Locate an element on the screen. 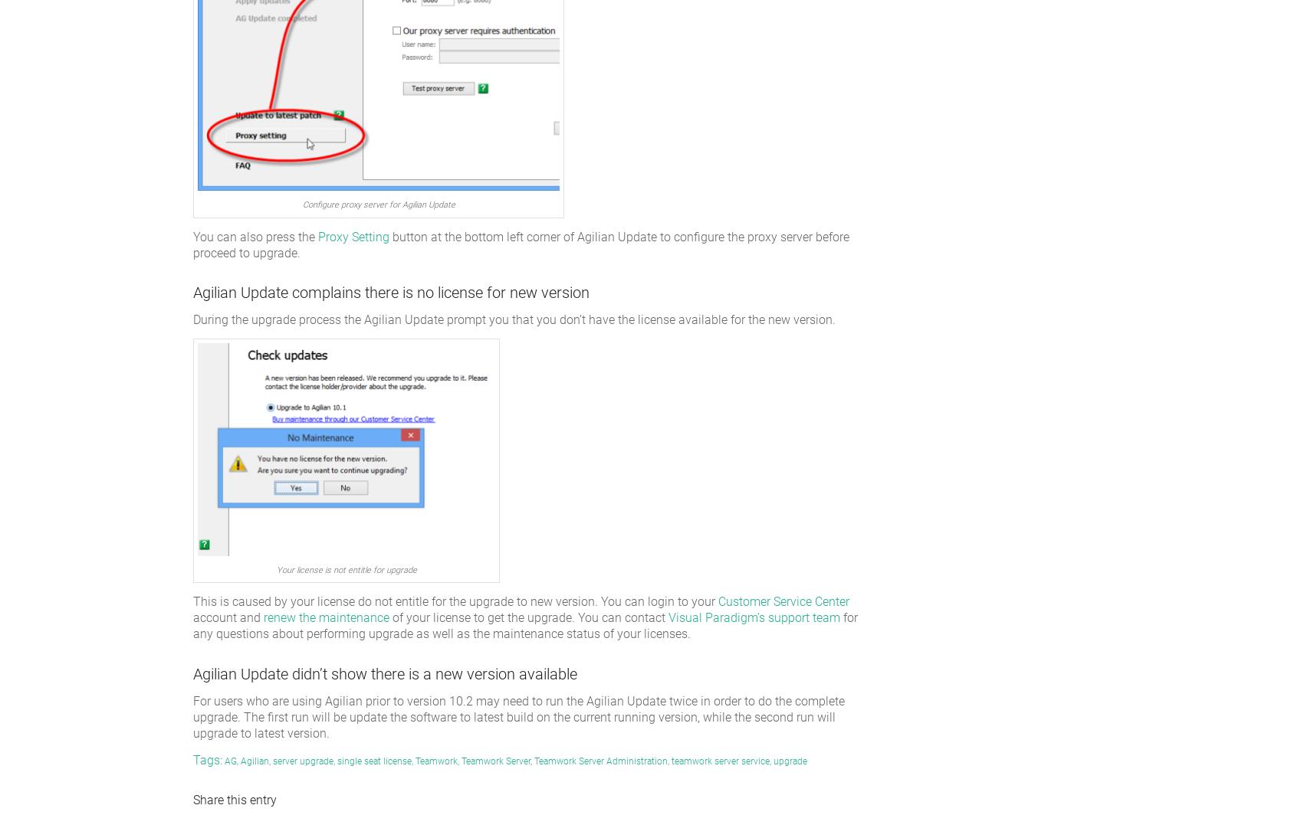  'During the upgrade process the Agilian Update prompt you that you don’t have the license available for the new version.' is located at coordinates (514, 319).